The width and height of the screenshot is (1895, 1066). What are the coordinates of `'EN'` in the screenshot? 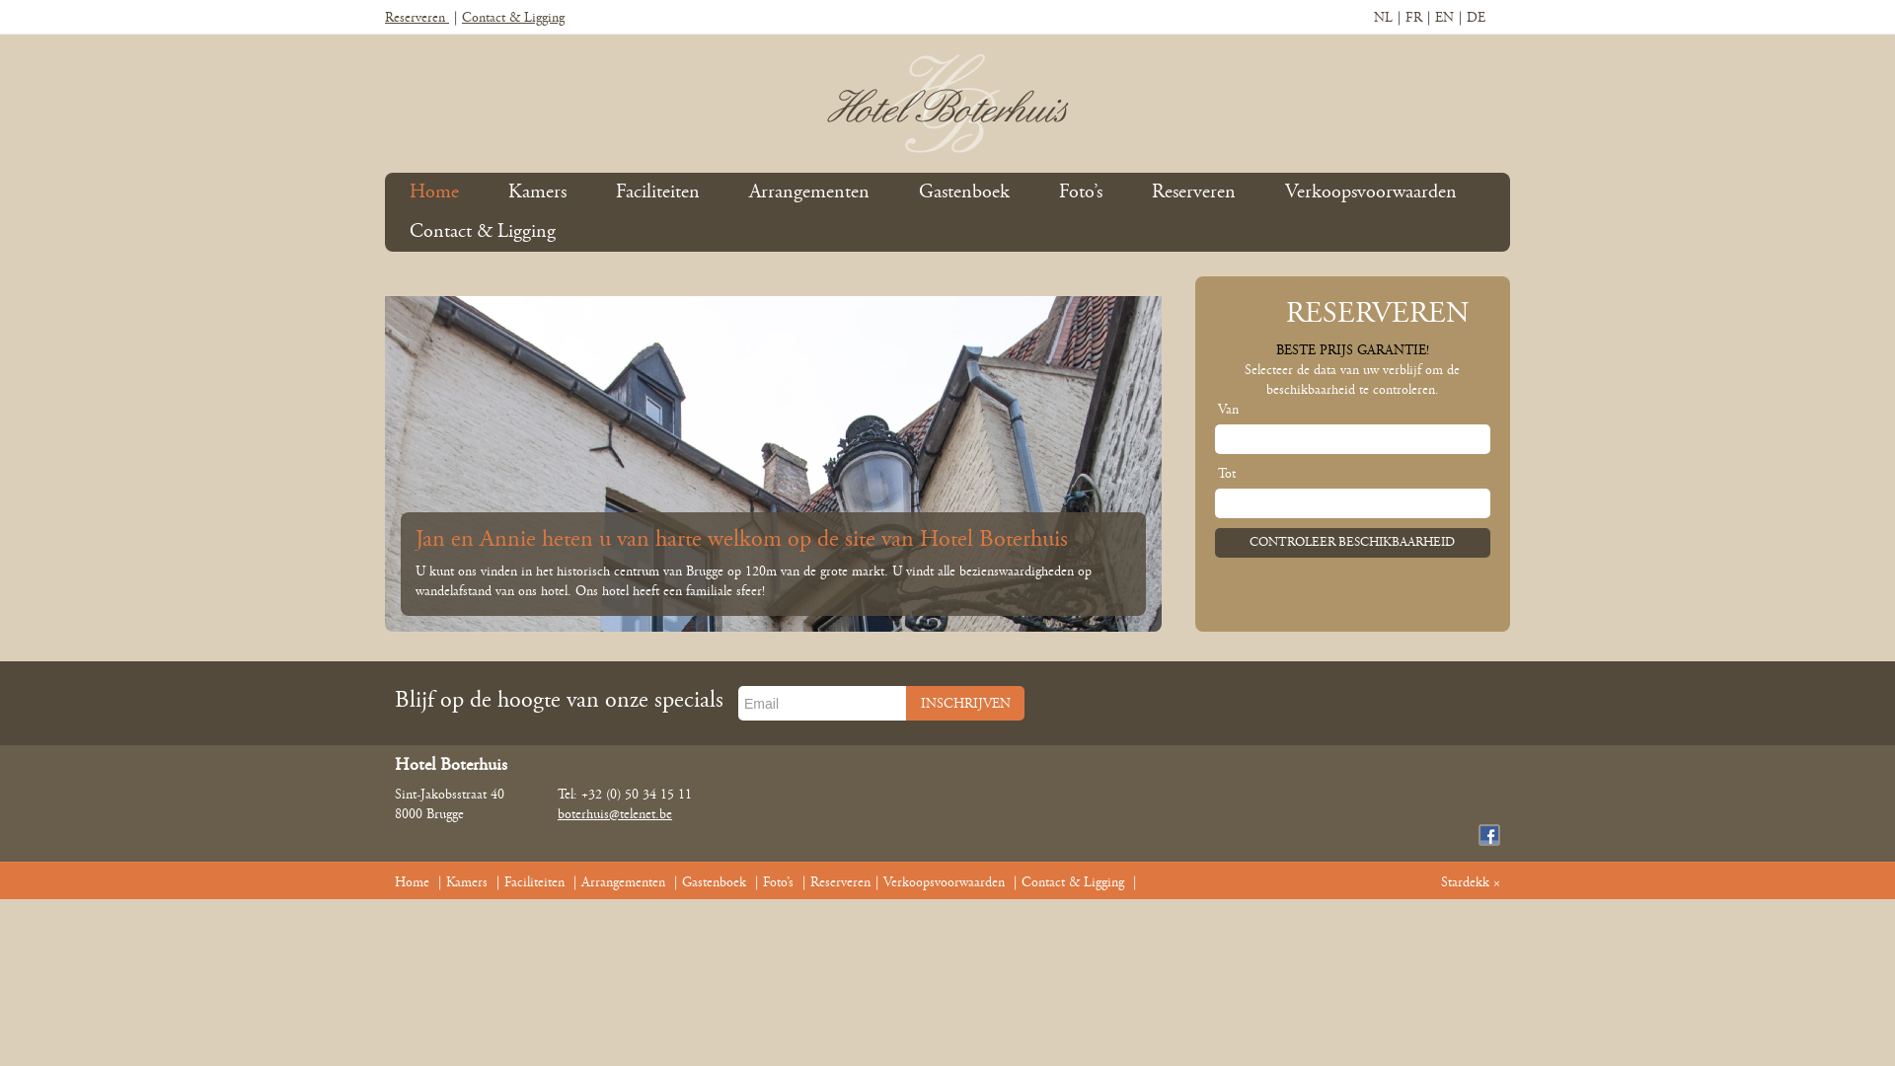 It's located at (1444, 18).